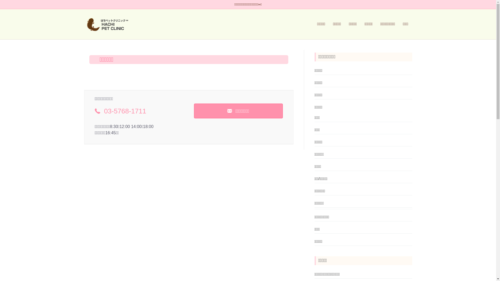  I want to click on '03-5768-1711', so click(125, 111).